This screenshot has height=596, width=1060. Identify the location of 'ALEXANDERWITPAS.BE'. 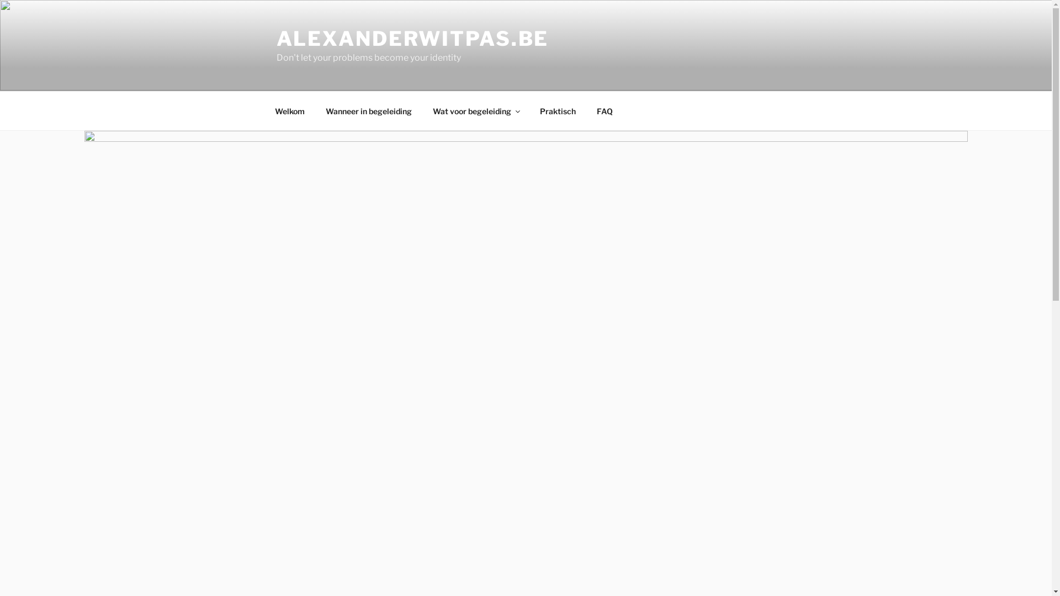
(412, 38).